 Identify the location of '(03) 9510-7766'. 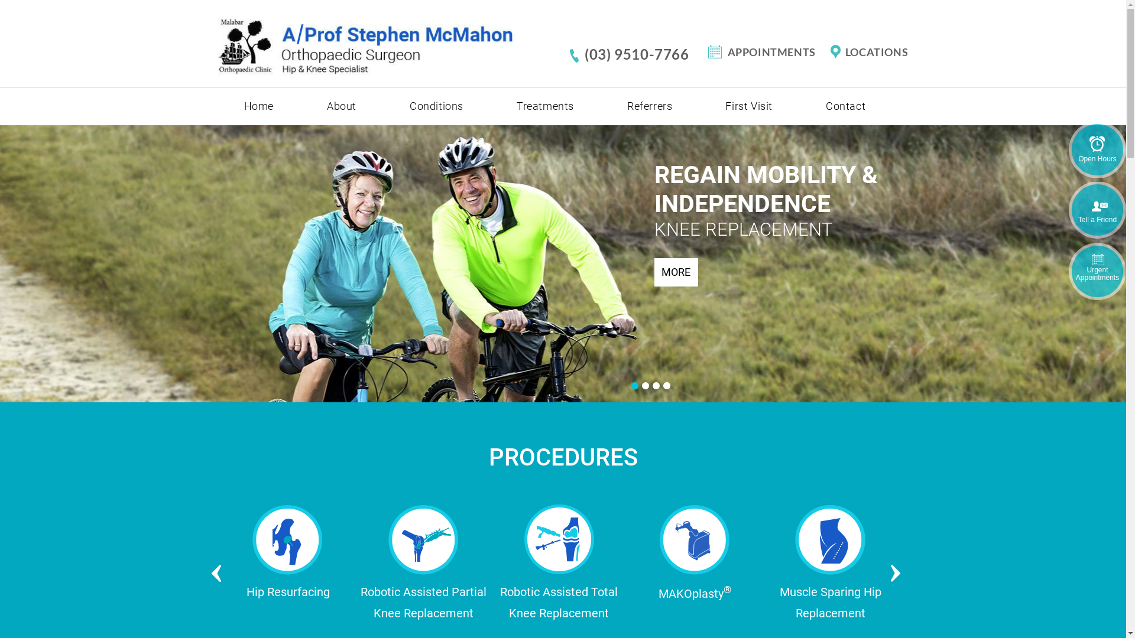
(637, 54).